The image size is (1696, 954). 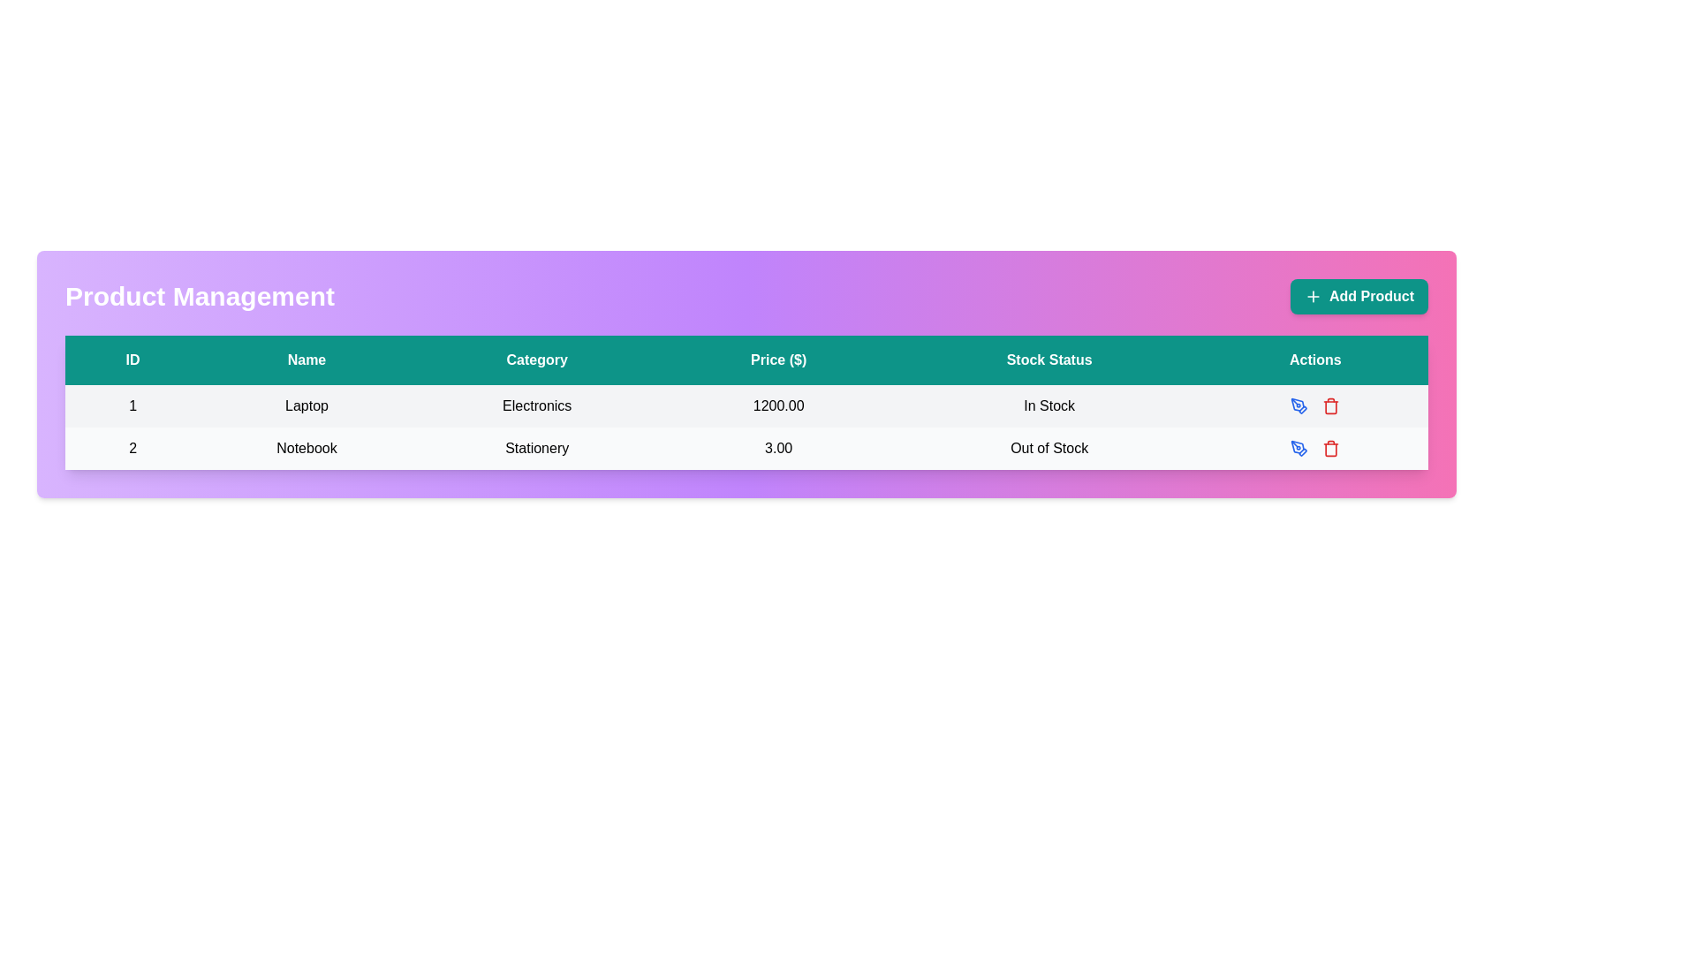 I want to click on the red icon in the actions column of the product management table for the 'Laptop' product, so click(x=1315, y=405).